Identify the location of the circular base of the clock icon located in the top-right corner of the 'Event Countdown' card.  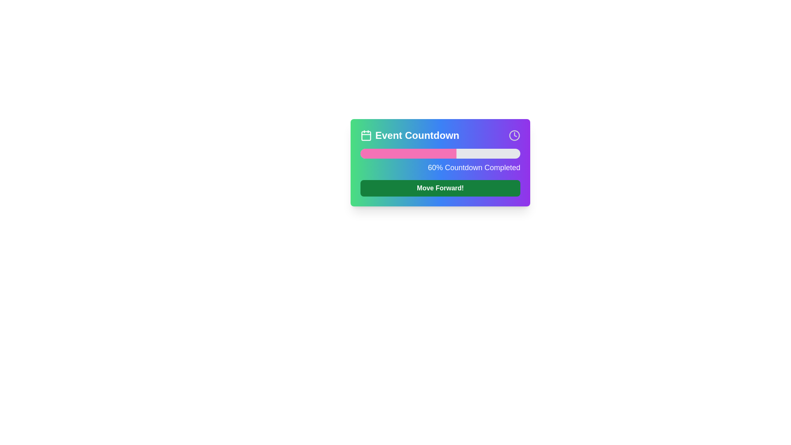
(514, 135).